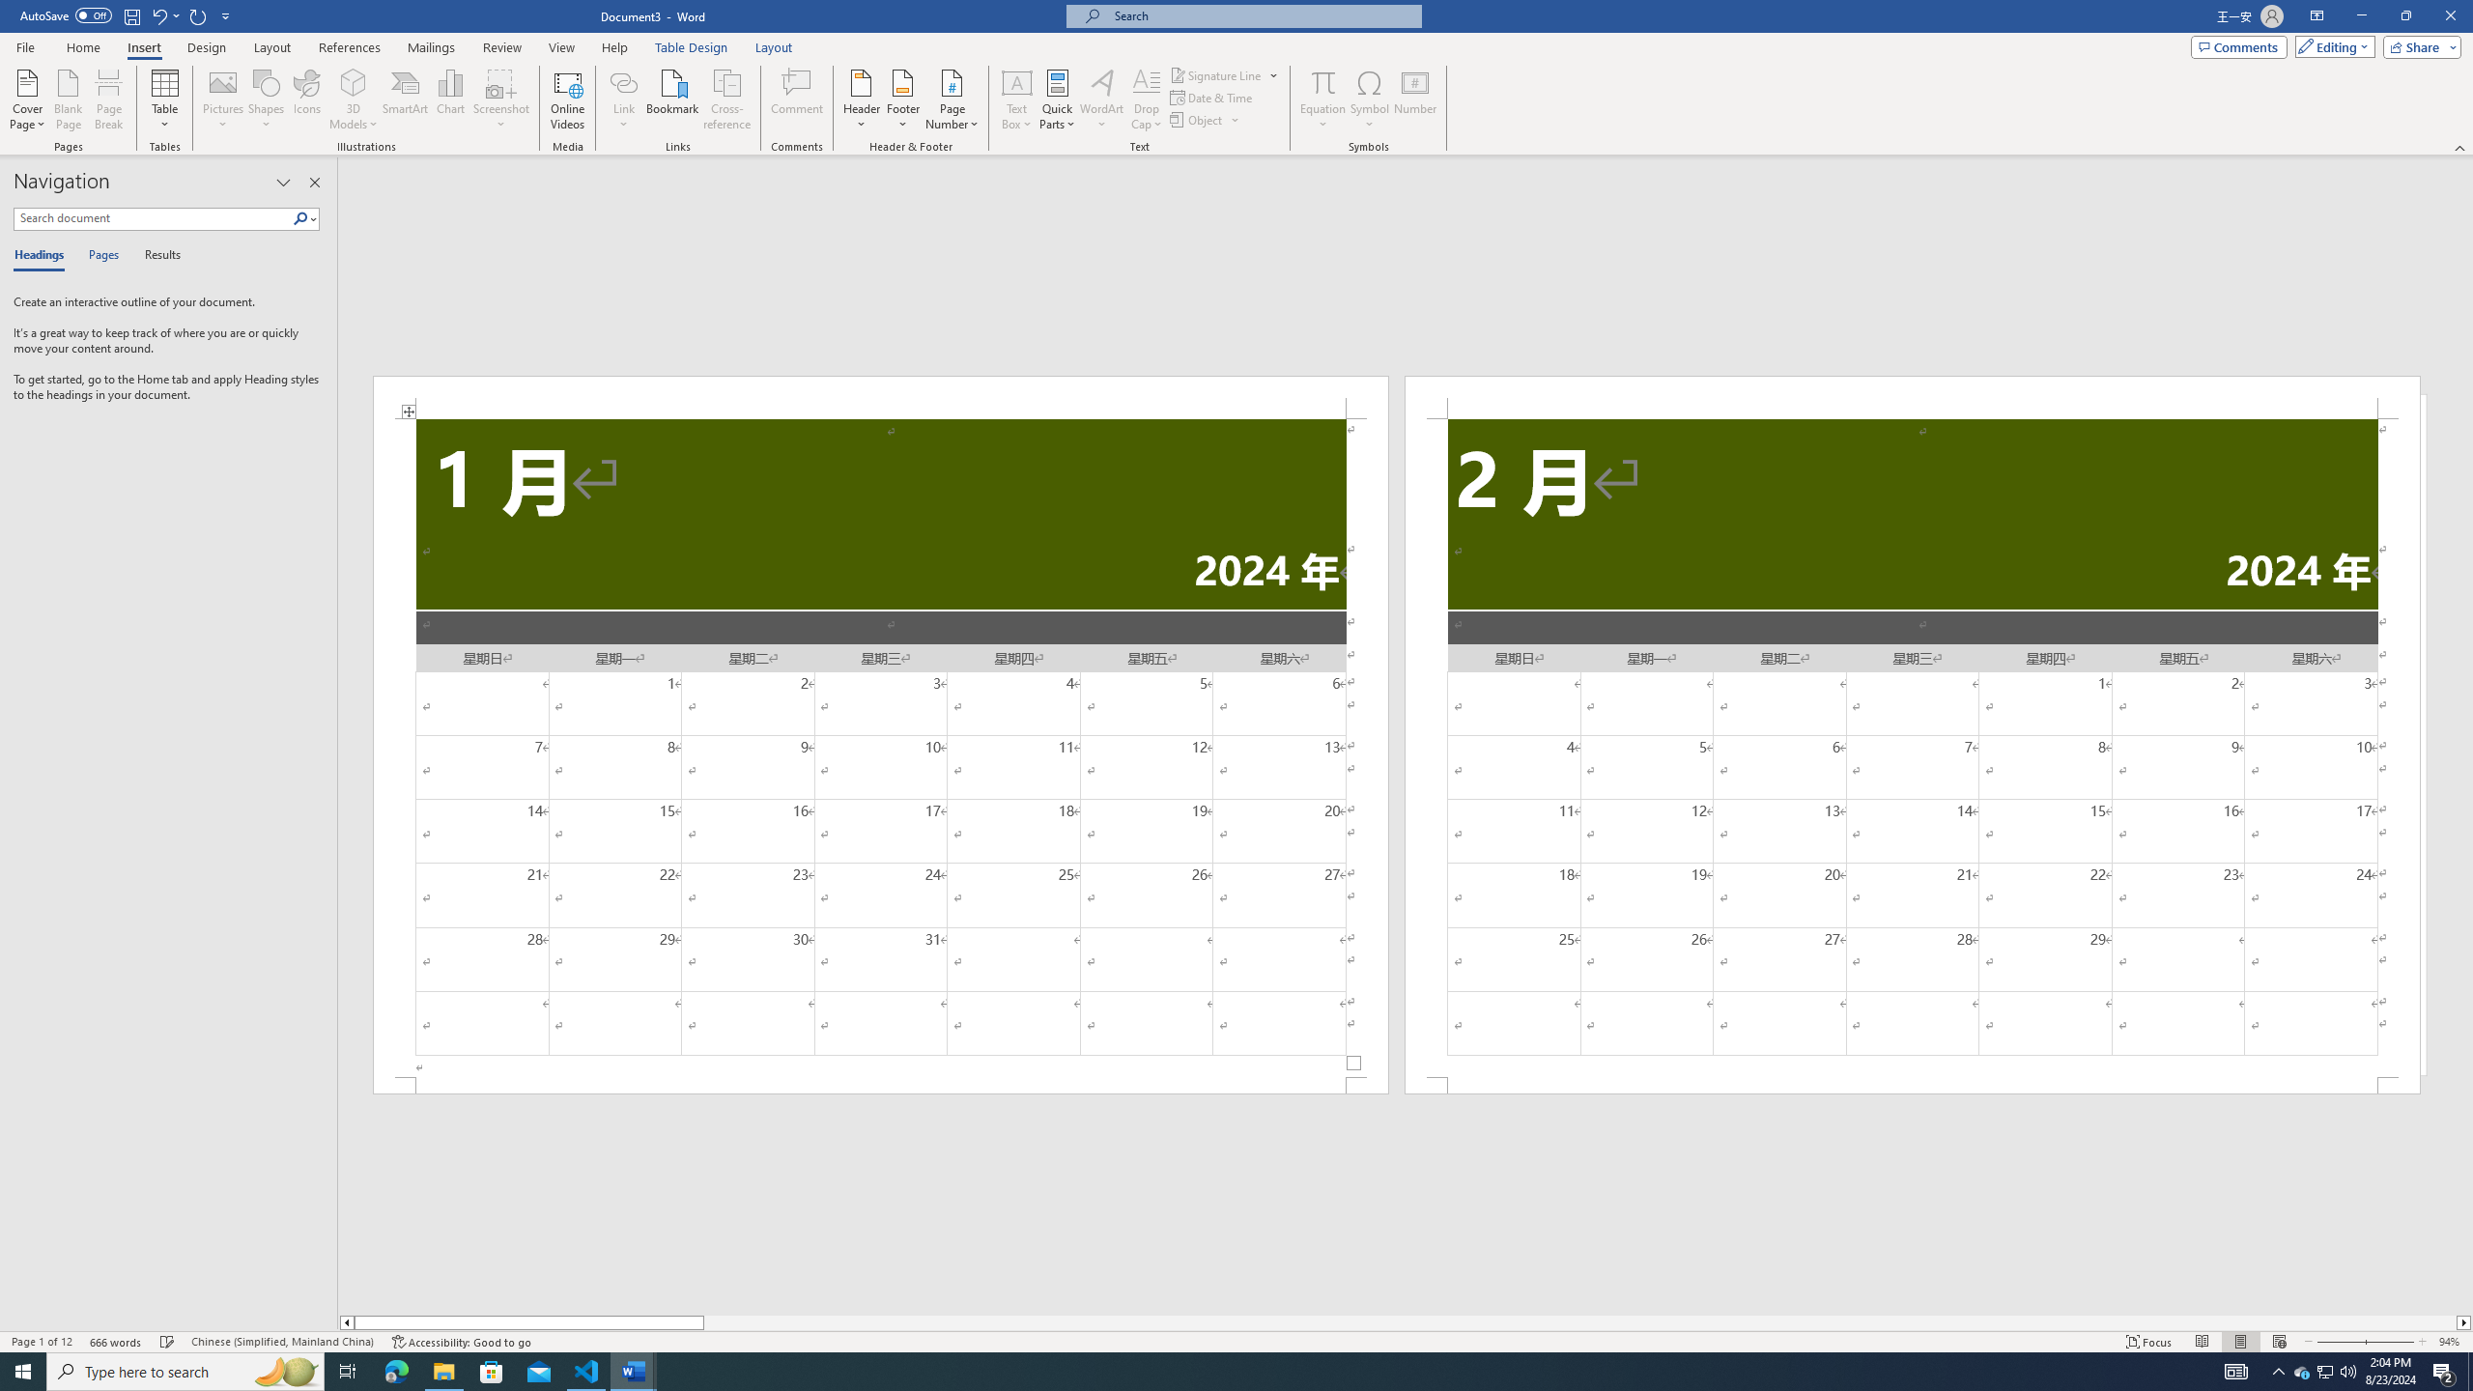  I want to click on 'Undo Increase Indent', so click(164, 14).